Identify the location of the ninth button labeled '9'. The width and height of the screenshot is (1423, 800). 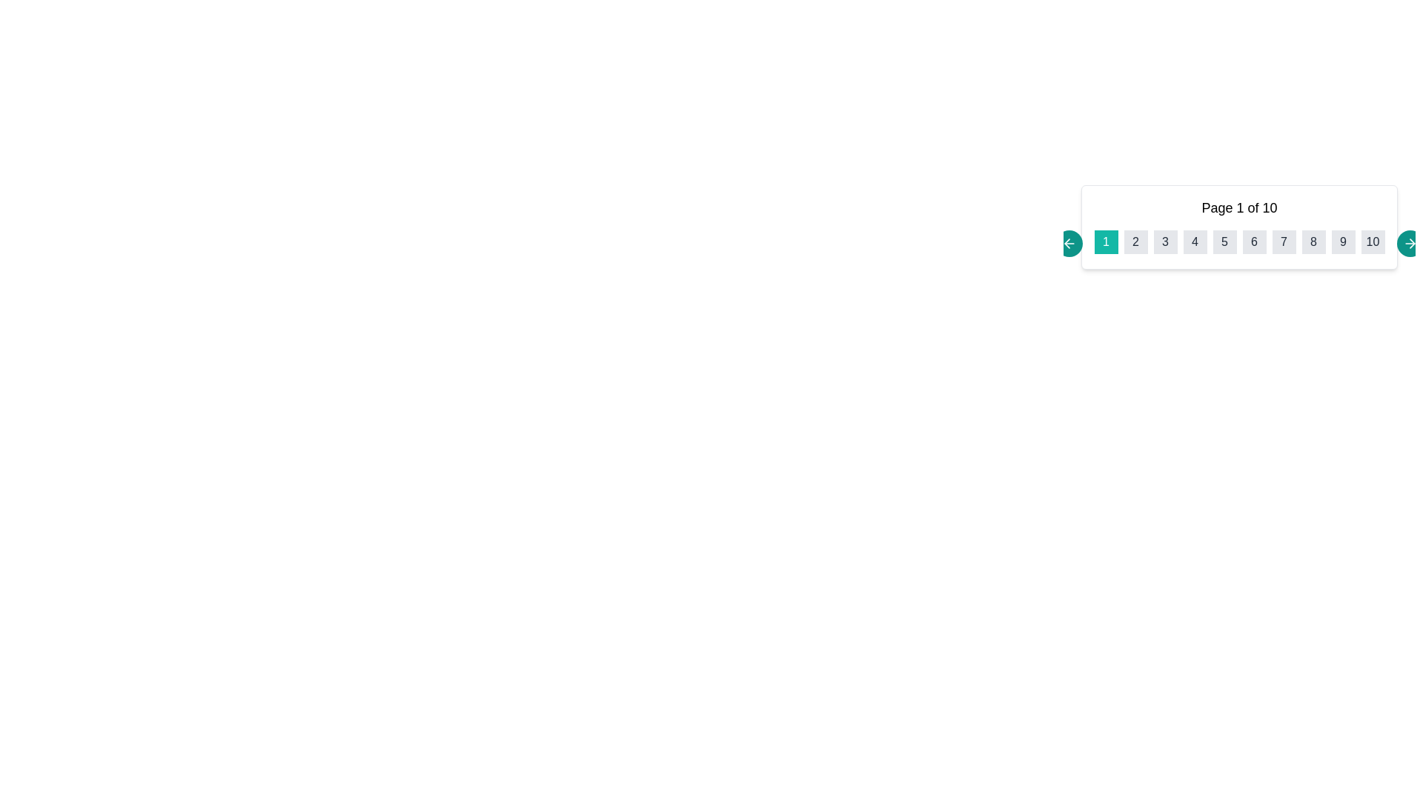
(1343, 241).